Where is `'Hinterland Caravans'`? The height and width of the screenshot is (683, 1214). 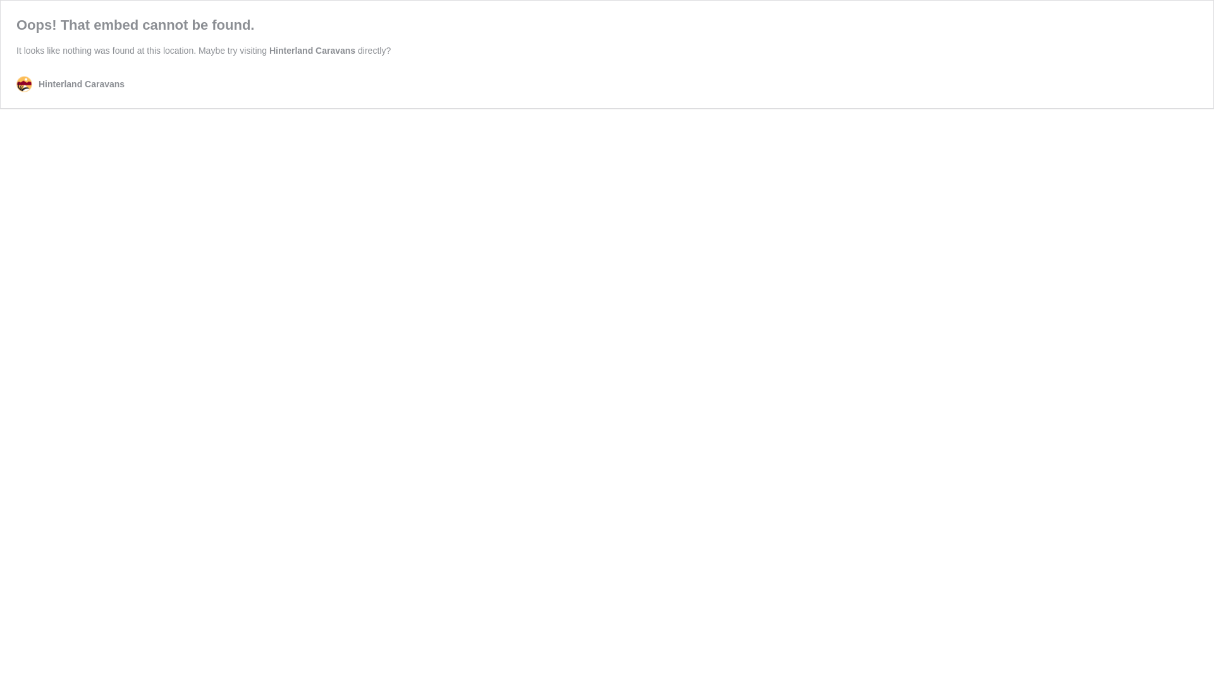 'Hinterland Caravans' is located at coordinates (70, 84).